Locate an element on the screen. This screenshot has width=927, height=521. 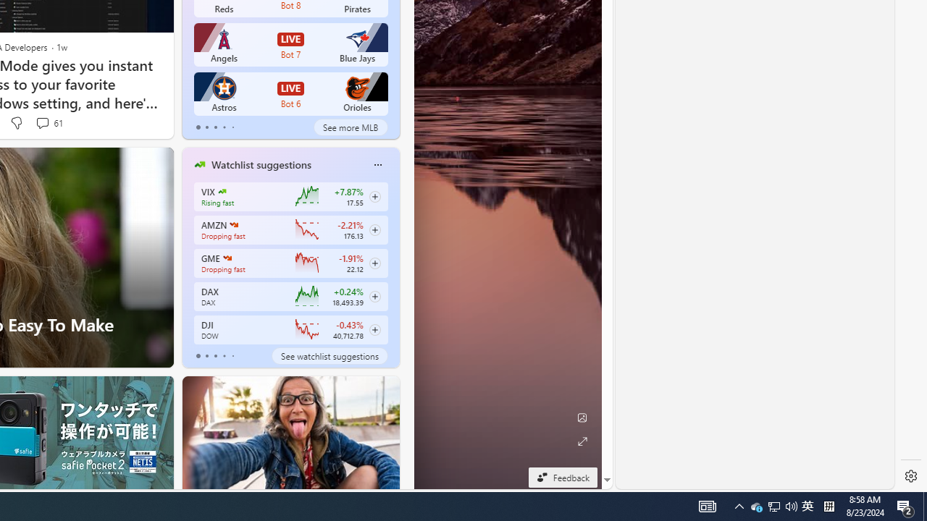
'CBOE Market Volatility Index' is located at coordinates (221, 190).